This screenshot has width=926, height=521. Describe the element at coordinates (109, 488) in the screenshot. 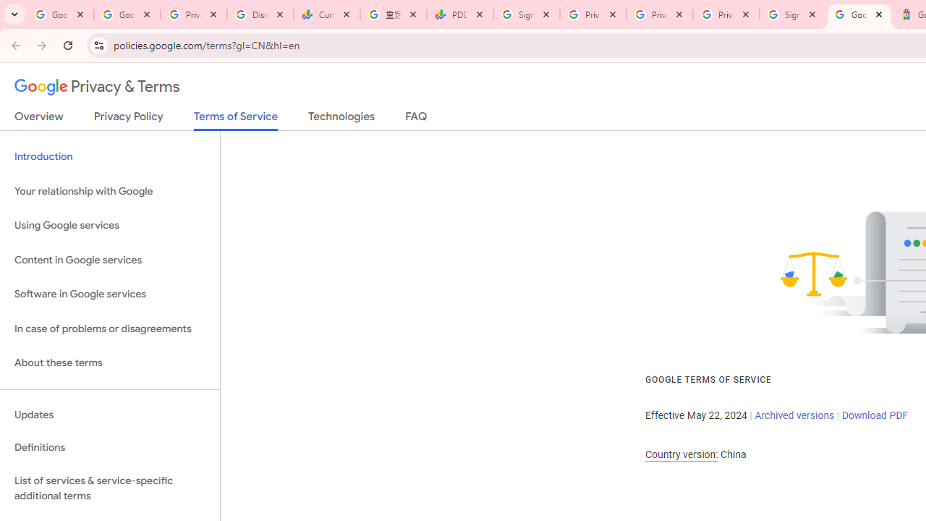

I see `'List of services & service-specific additional terms'` at that location.